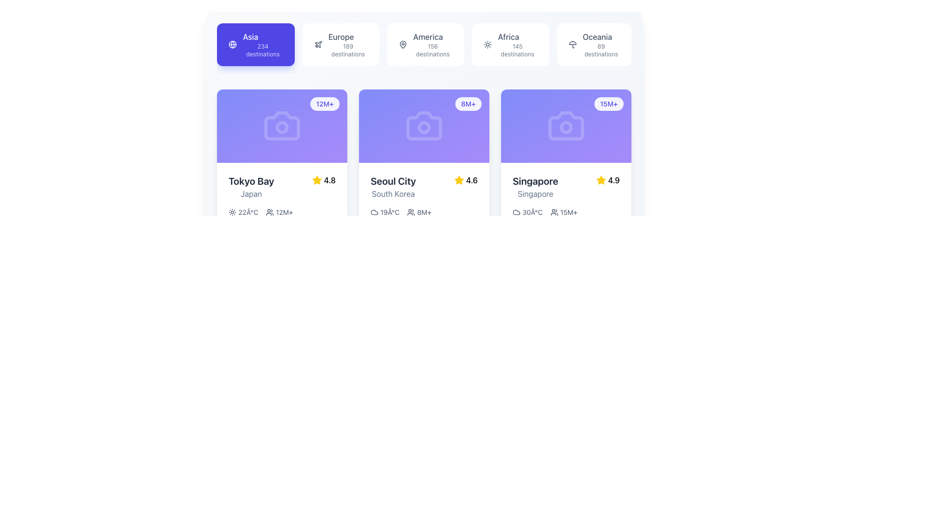 This screenshot has height=525, width=934. I want to click on the small sun icon with rays, located to the left of the 'Africa' text in the regions bar, so click(488, 45).